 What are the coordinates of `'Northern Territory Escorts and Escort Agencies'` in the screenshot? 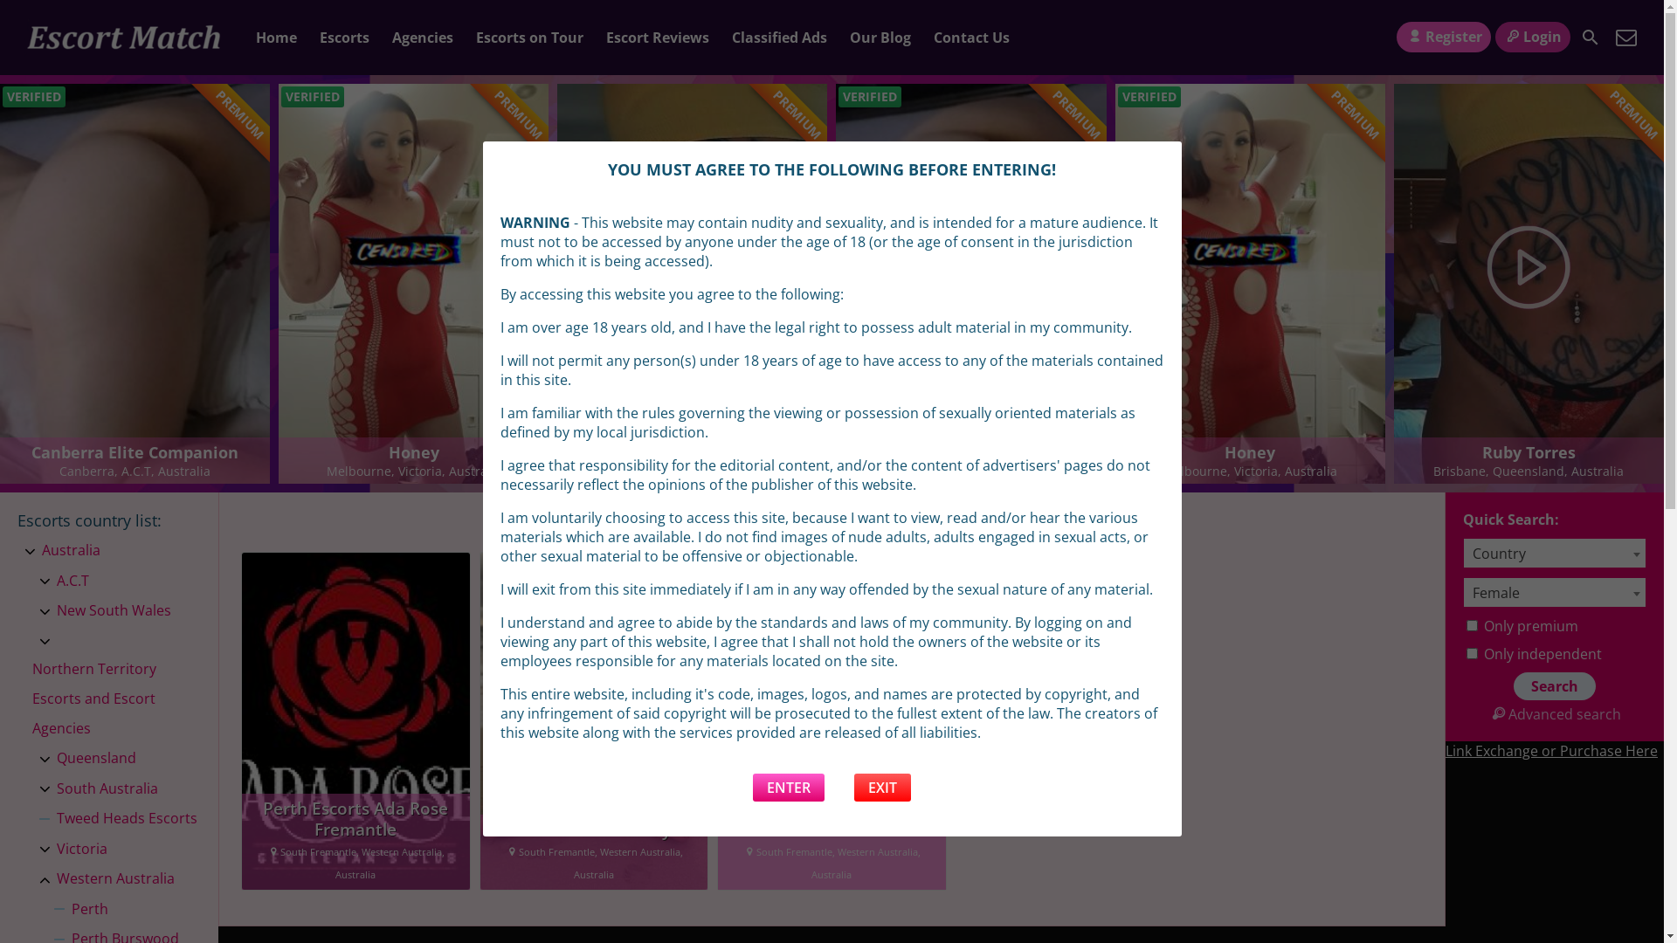 It's located at (115, 698).